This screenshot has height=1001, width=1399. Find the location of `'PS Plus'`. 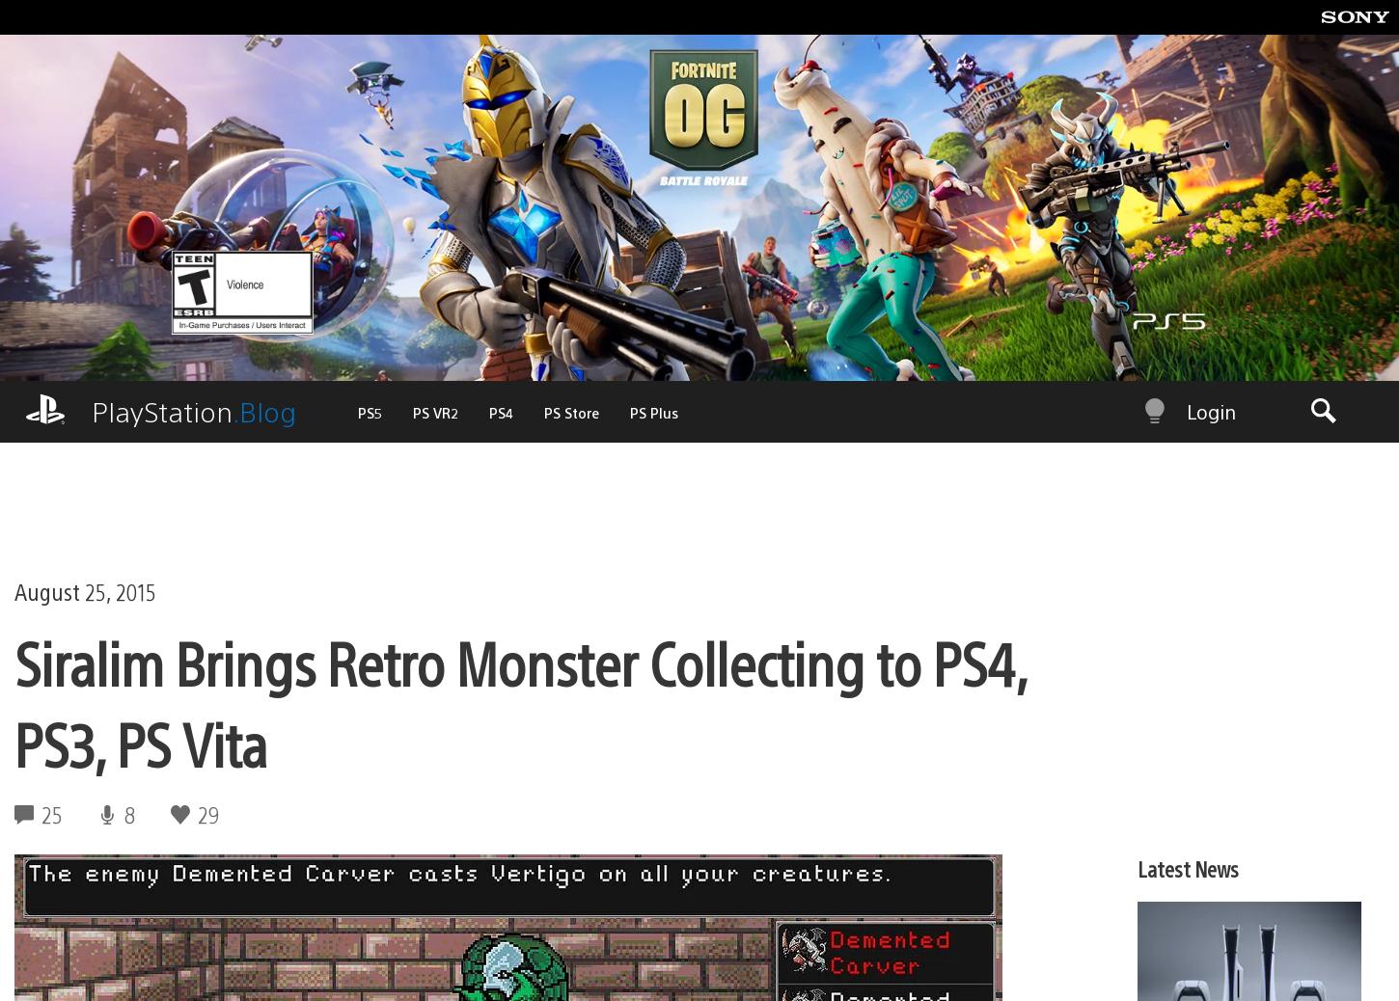

'PS Plus' is located at coordinates (284, 473).